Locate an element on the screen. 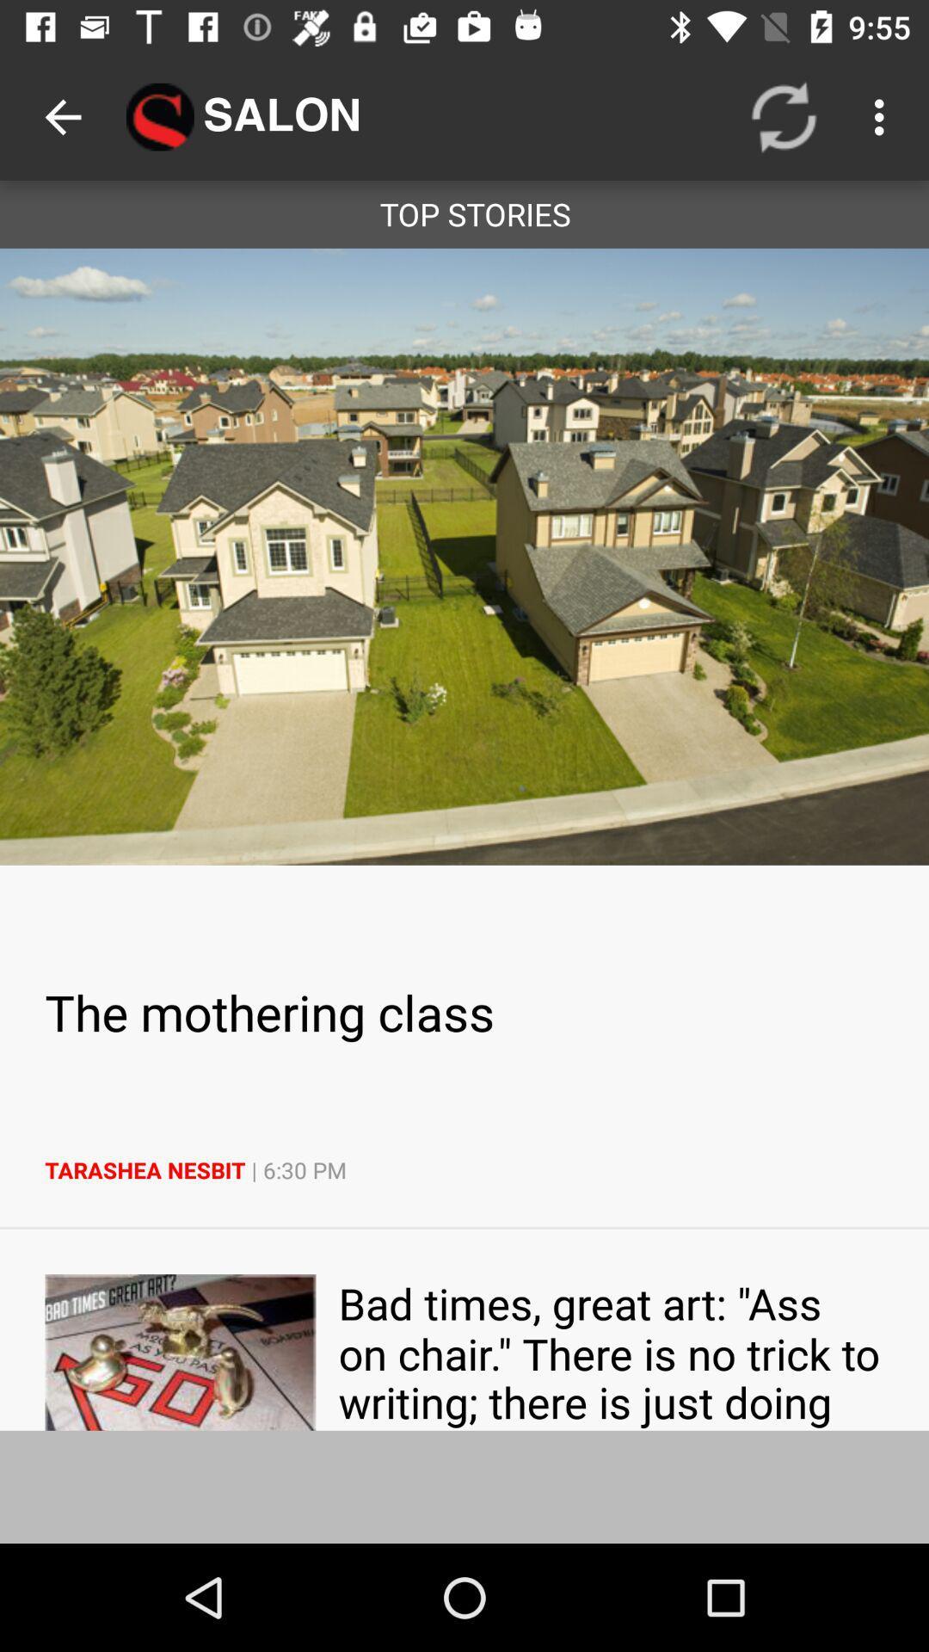  the app to the right of the salon icon is located at coordinates (784, 116).